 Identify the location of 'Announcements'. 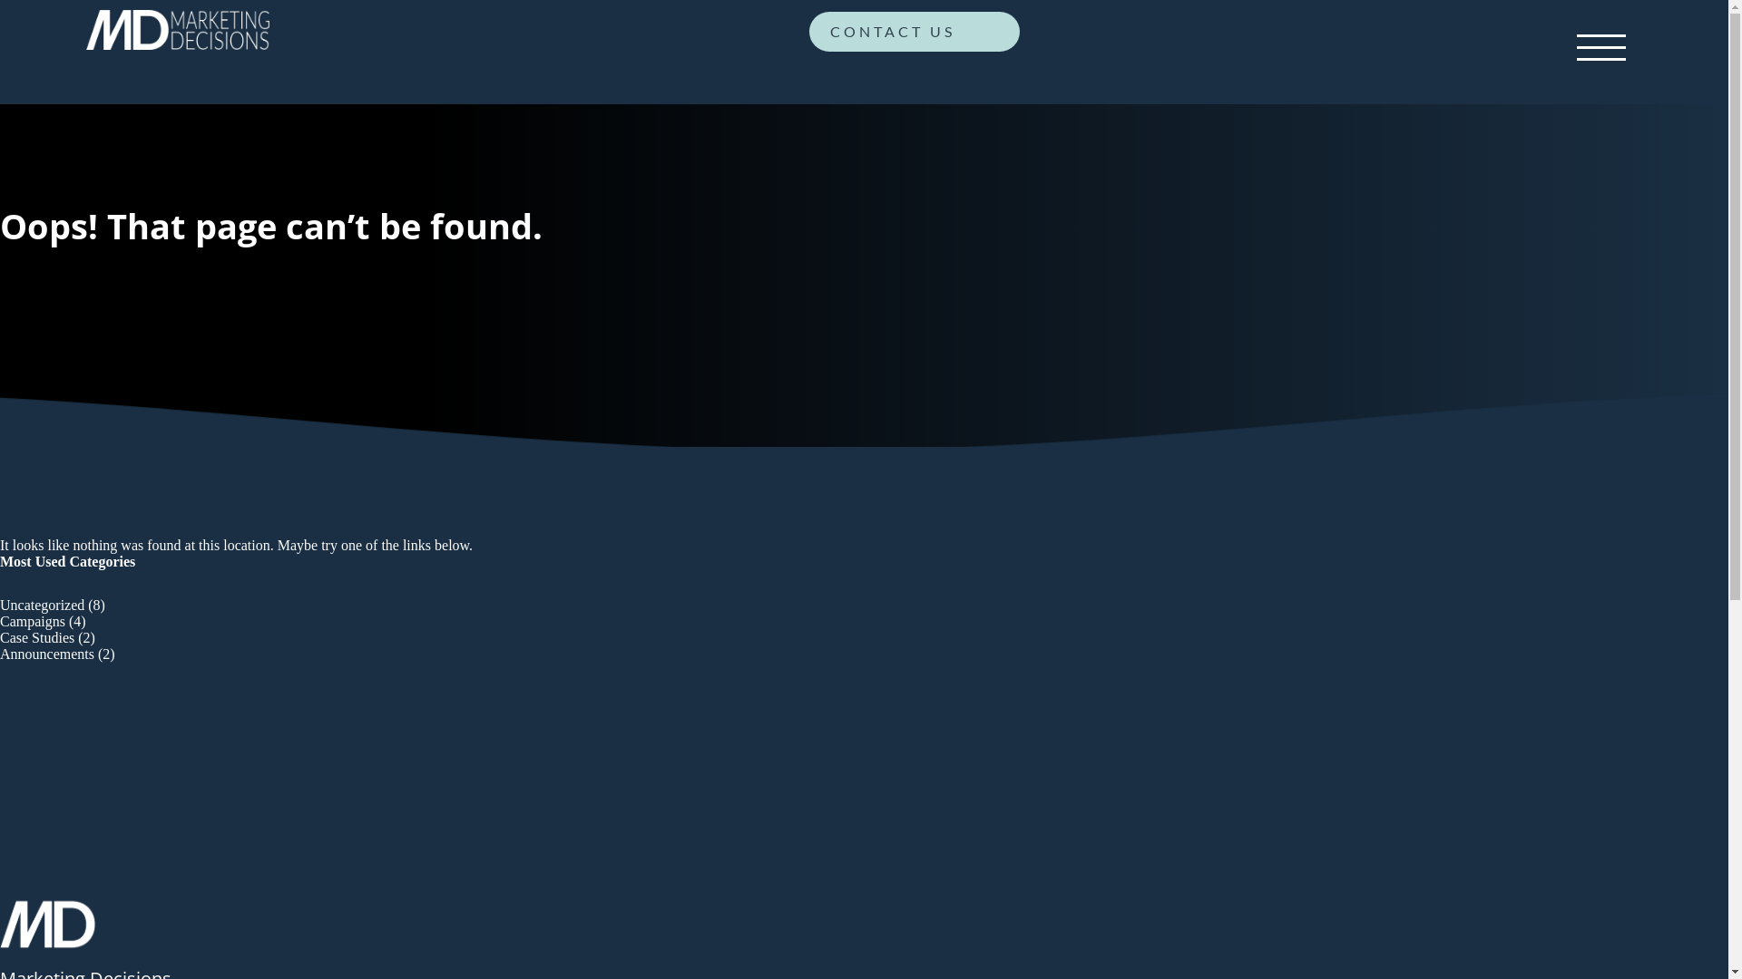
(47, 654).